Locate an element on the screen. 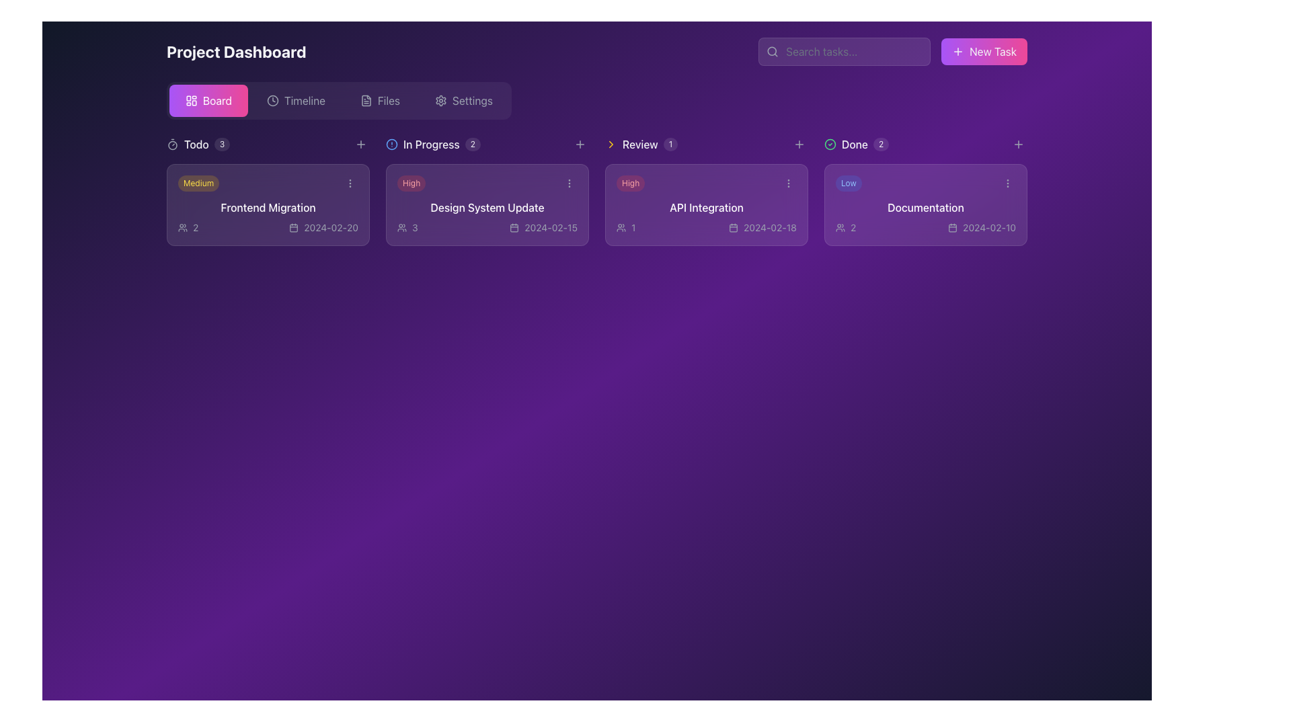  the button is located at coordinates (1019, 145).